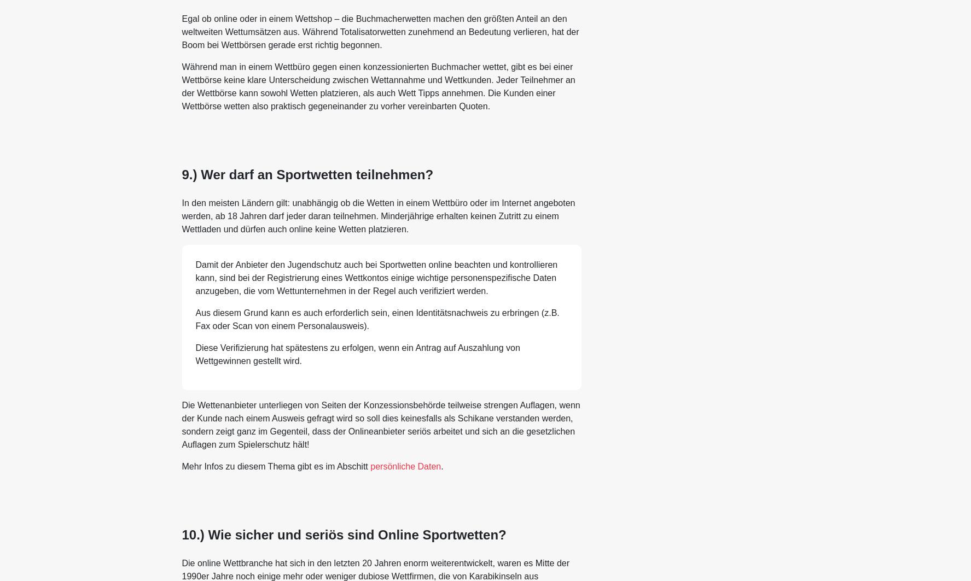 This screenshot has width=971, height=581. I want to click on 'Diese Verifizierung hat spätestens zu erfolgen, wenn ein Antrag auf Auszahlung von Wettgewinnen gestellt wird.', so click(357, 353).